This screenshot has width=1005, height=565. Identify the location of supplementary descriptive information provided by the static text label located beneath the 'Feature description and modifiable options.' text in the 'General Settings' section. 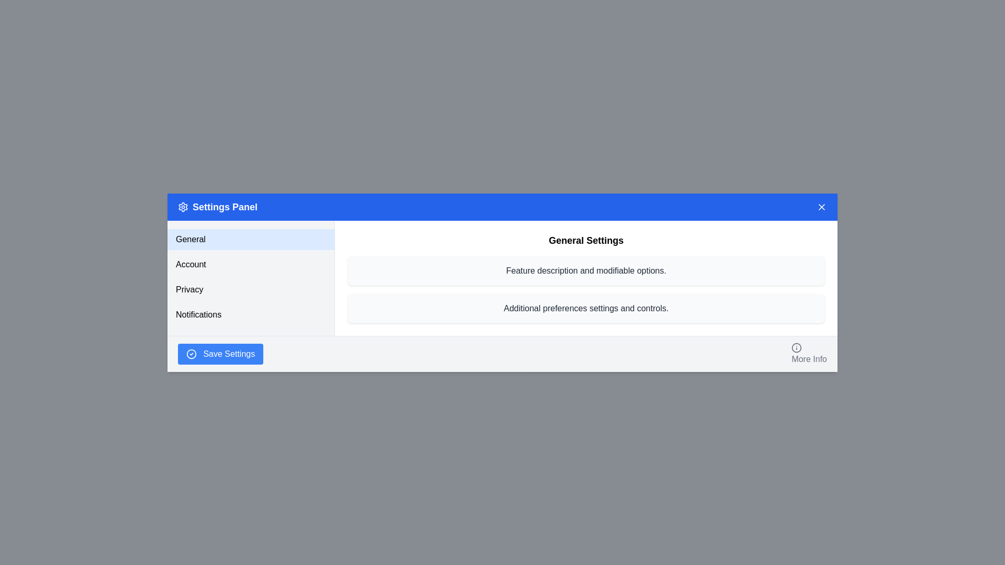
(585, 308).